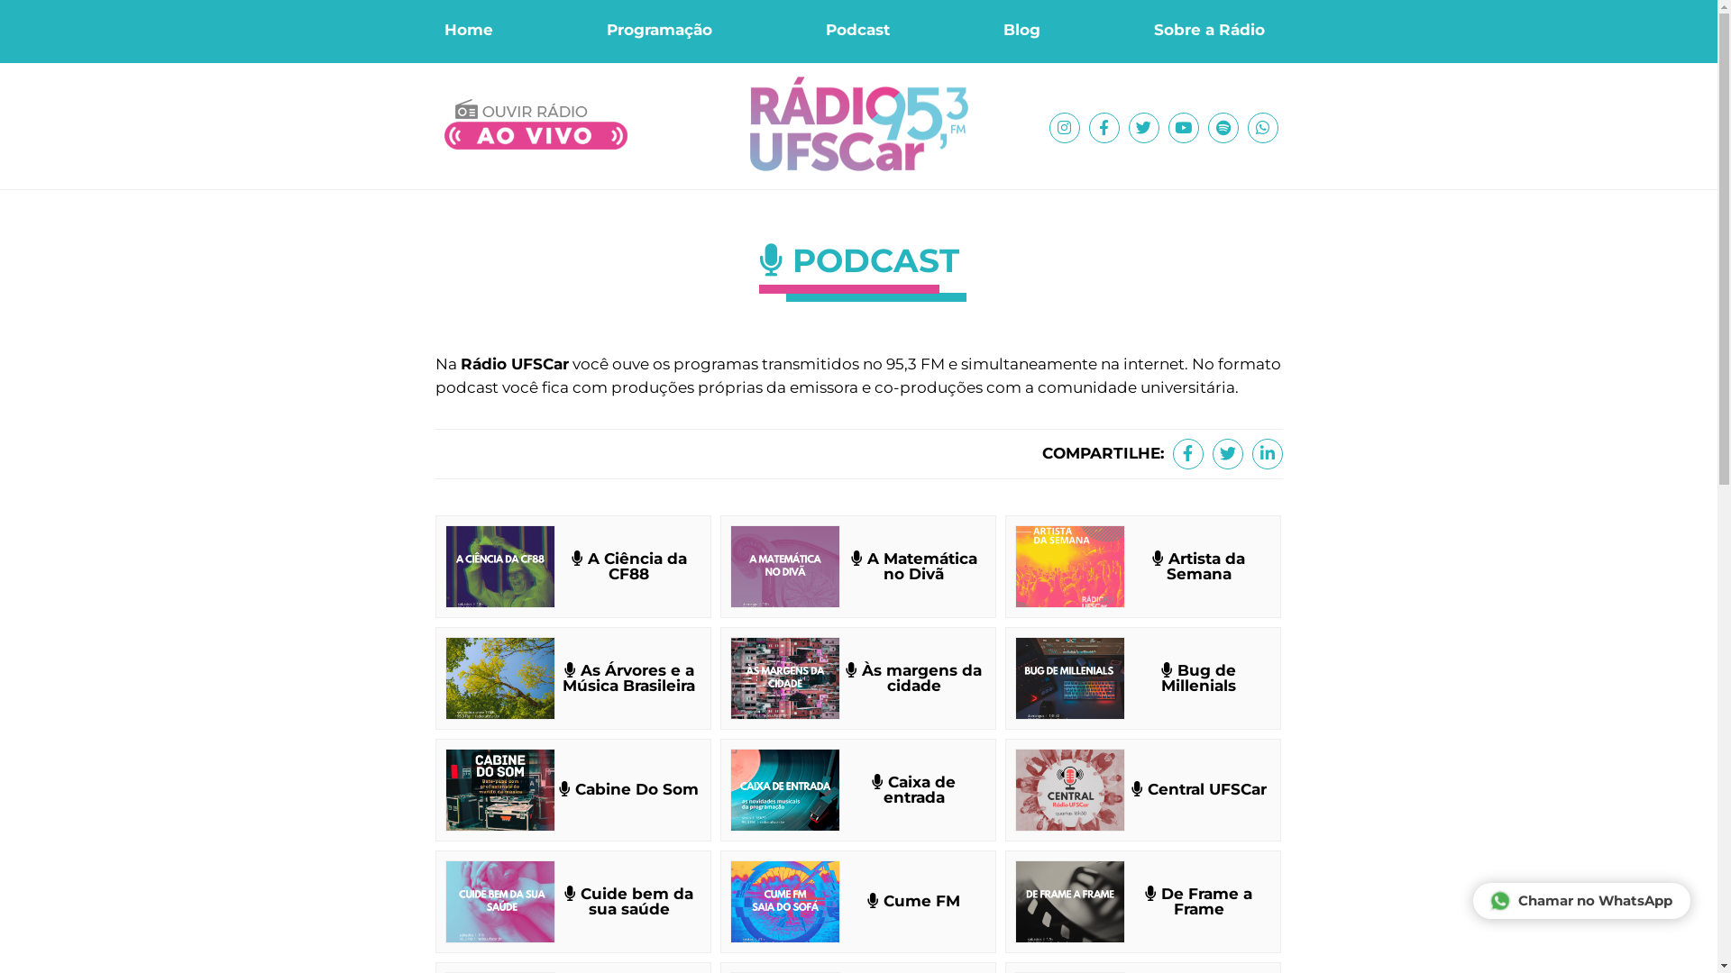 The image size is (1731, 973). What do you see at coordinates (1021, 30) in the screenshot?
I see `'Blog'` at bounding box center [1021, 30].